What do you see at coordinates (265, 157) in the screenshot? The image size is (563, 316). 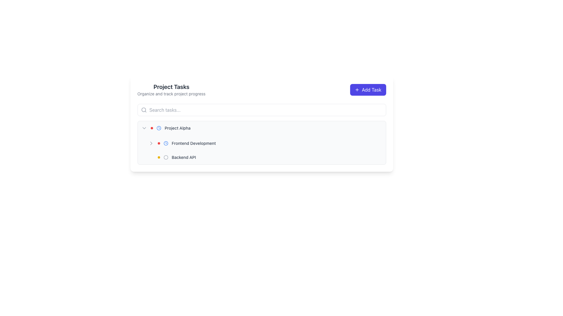 I see `the 'Backend API' task list item, which is the third item` at bounding box center [265, 157].